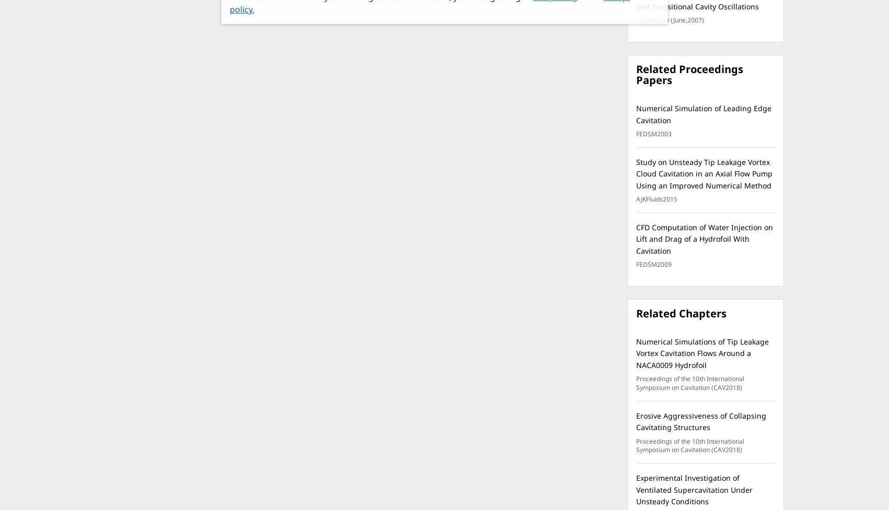 This screenshot has width=889, height=510. What do you see at coordinates (653, 133) in the screenshot?
I see `'FEDSM2003'` at bounding box center [653, 133].